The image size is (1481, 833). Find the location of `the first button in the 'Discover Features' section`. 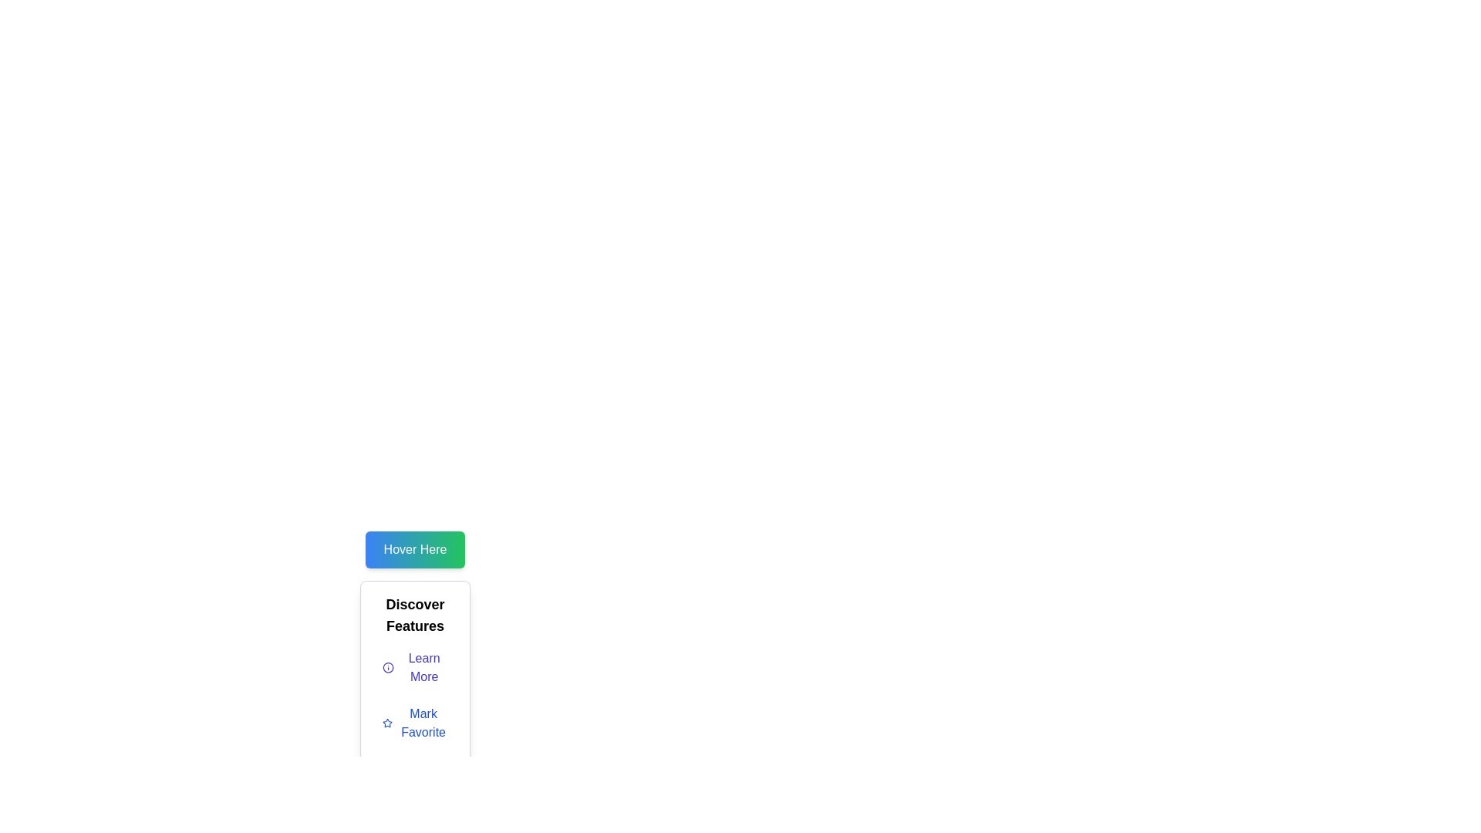

the first button in the 'Discover Features' section is located at coordinates (415, 667).